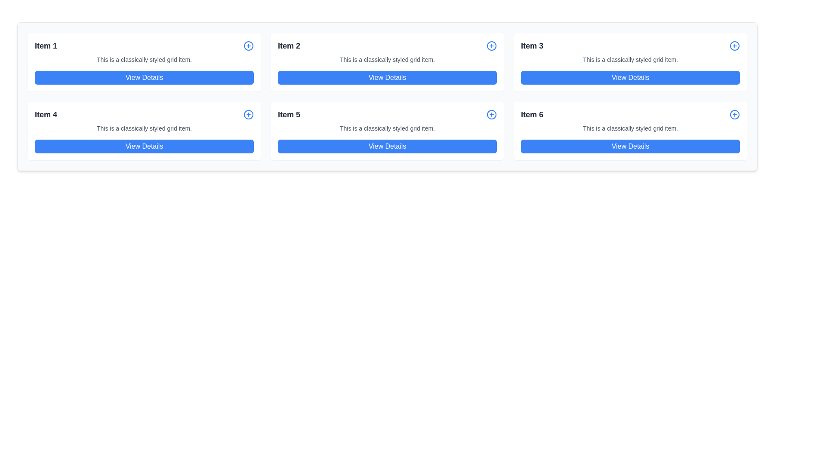 The height and width of the screenshot is (464, 826). I want to click on the button located in the lower section of the card labeled 'Item 2', so click(387, 78).